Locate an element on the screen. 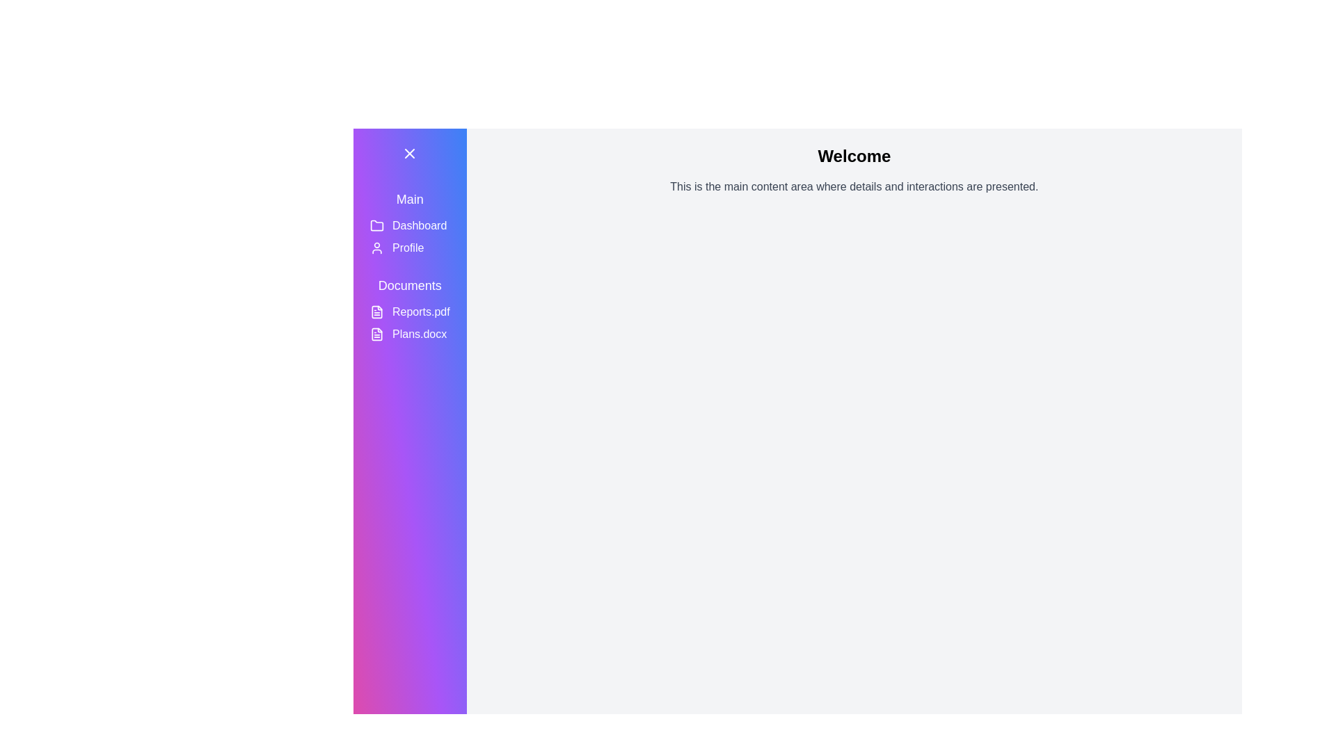  the text element displaying 'Plans.docx' in the vertical navigation sidebar is located at coordinates (419, 334).